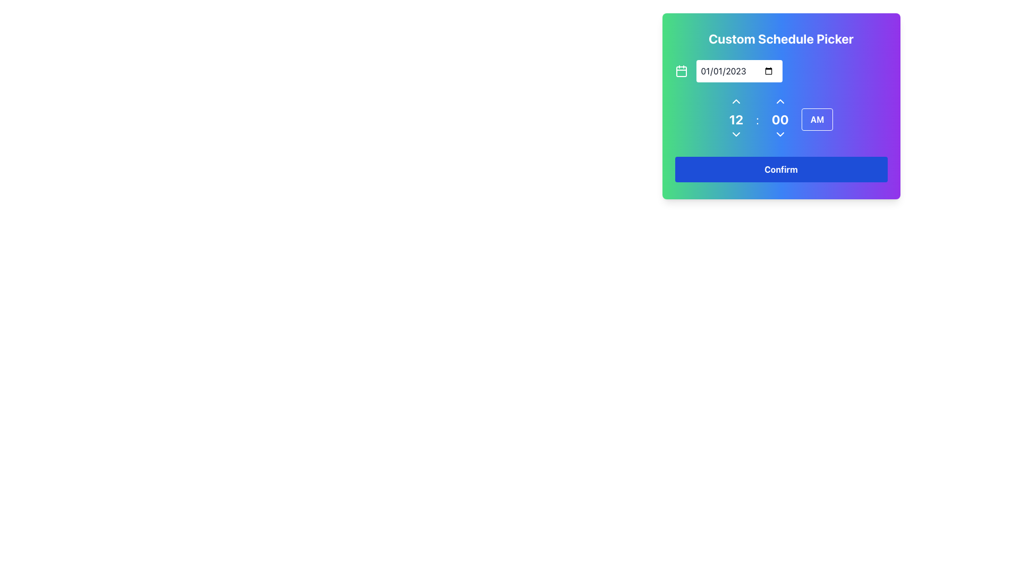 The image size is (1020, 574). Describe the element at coordinates (780, 134) in the screenshot. I see `the dropdown button located in the middle-right of the 'Custom Schedule Picker' modal` at that location.